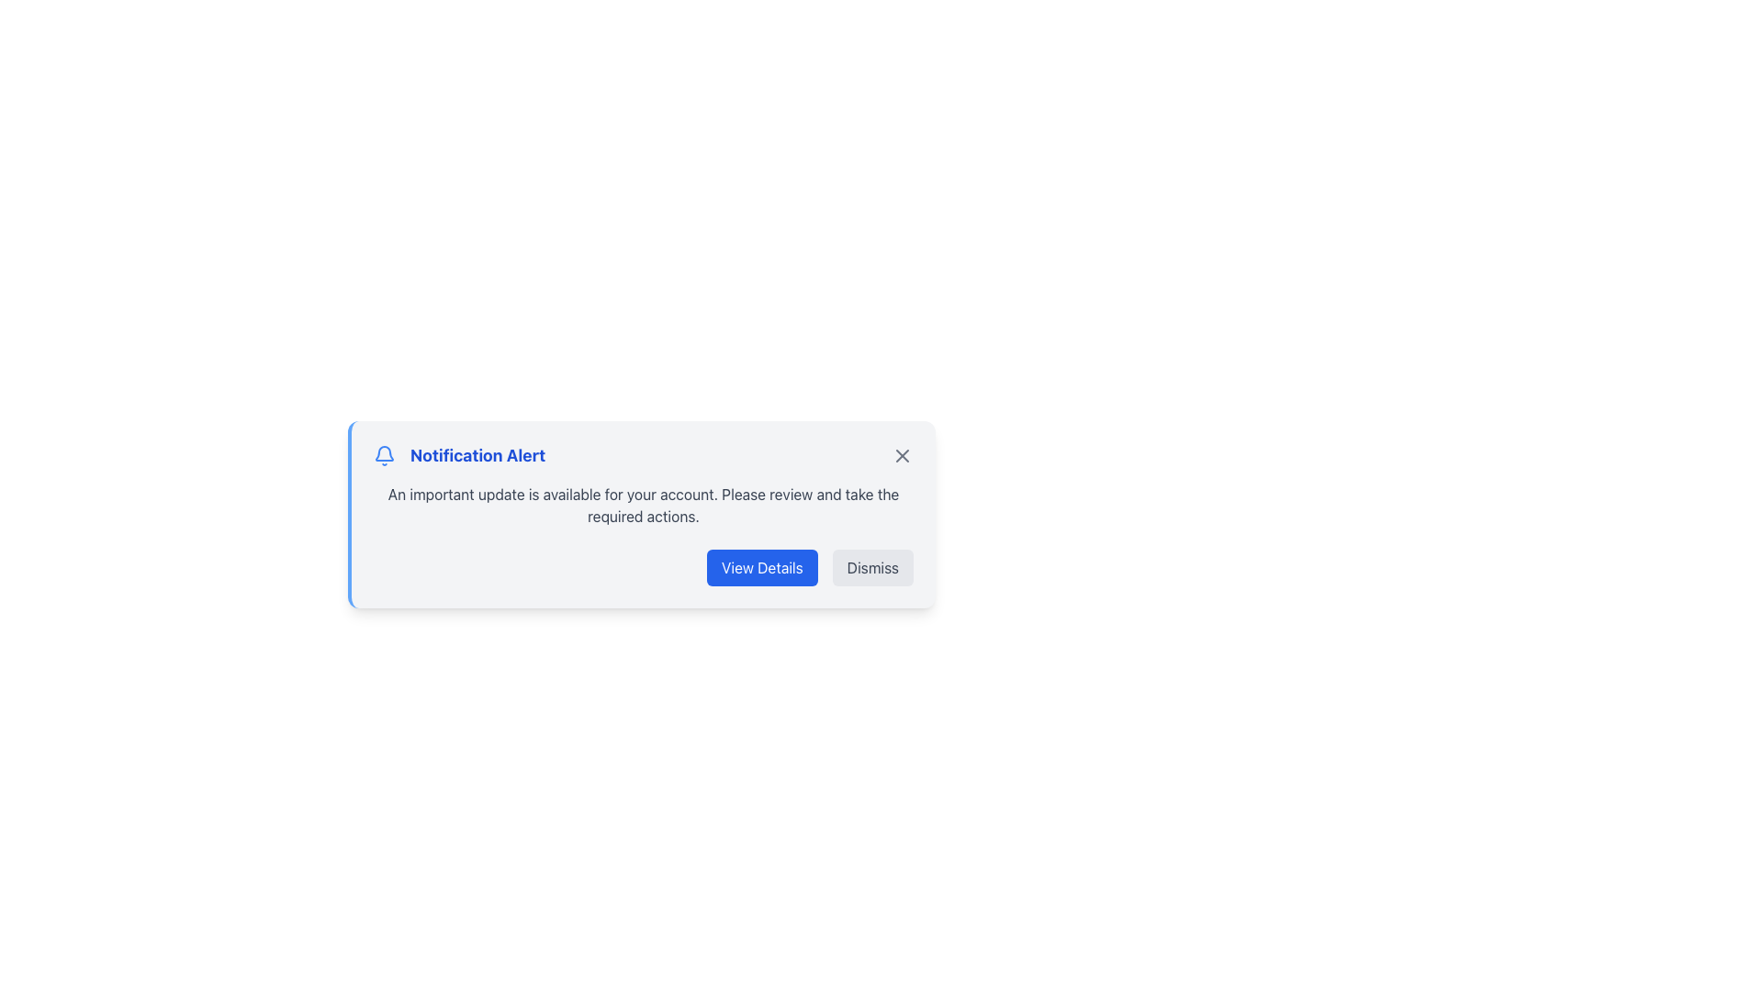 Image resolution: width=1763 pixels, height=991 pixels. I want to click on the 'Dismiss' button, which is a rectangular button with rounded corners located at the bottom-right corner of the notification panel, so click(871, 566).